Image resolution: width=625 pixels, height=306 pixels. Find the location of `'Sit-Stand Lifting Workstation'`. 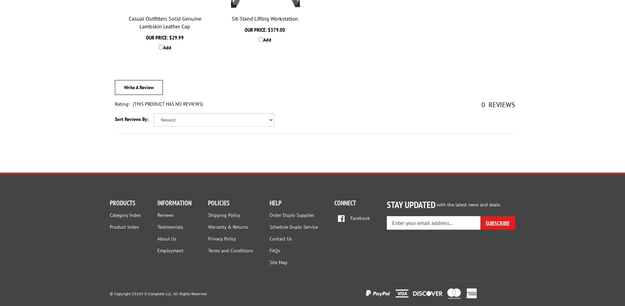

'Sit-Stand Lifting Workstation' is located at coordinates (231, 18).